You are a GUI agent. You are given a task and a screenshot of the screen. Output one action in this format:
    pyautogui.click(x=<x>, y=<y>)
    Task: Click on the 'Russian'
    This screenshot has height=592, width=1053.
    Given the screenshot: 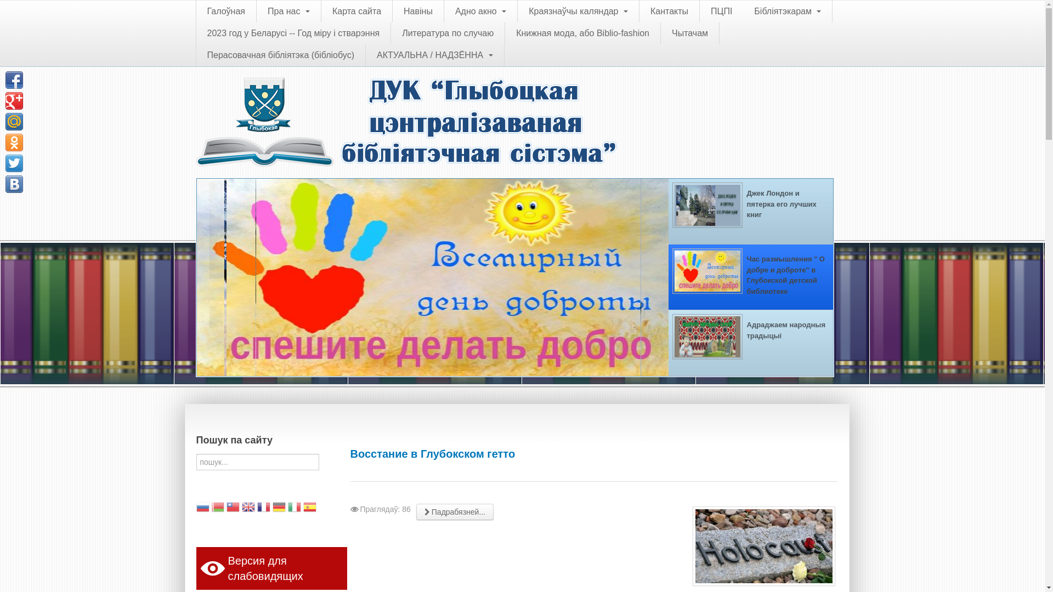 What is the action you would take?
    pyautogui.click(x=196, y=508)
    